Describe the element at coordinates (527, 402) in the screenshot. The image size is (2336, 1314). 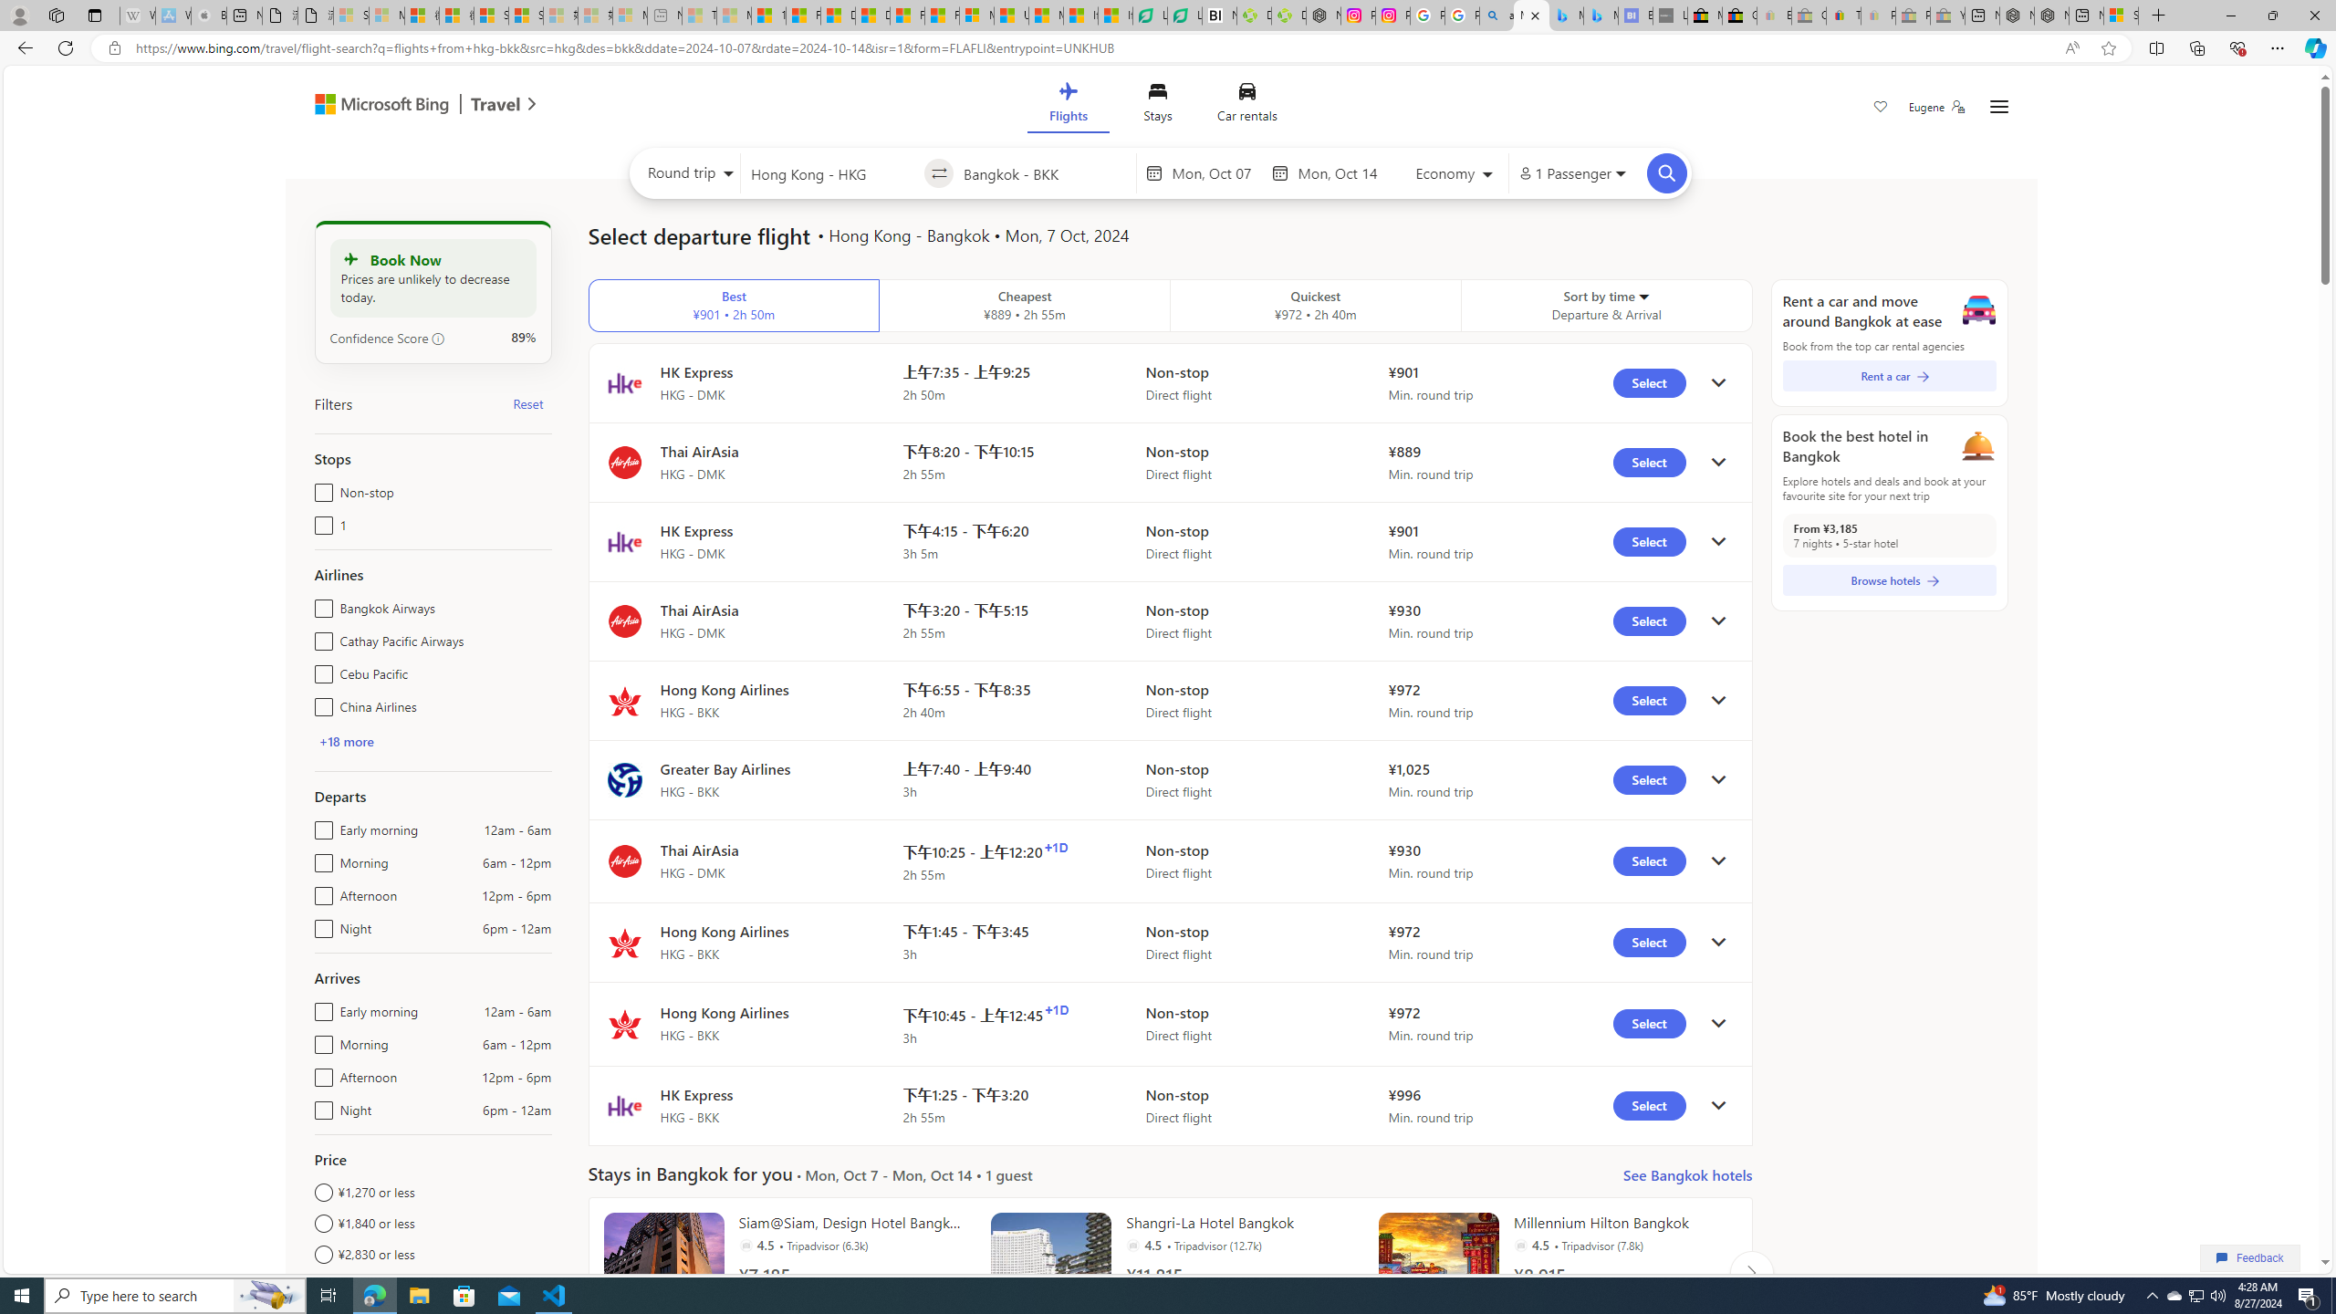
I see `'Reset'` at that location.